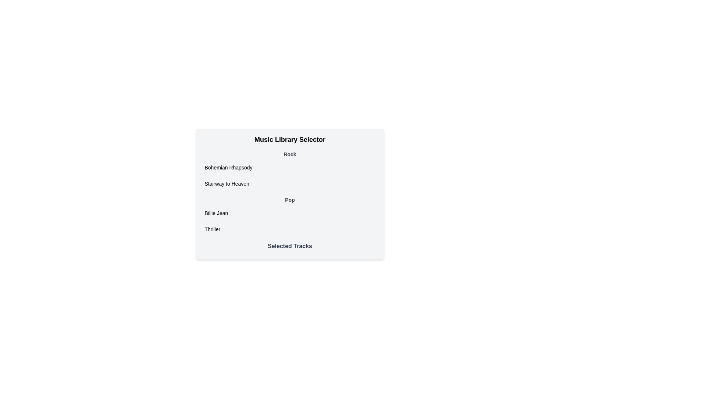 The height and width of the screenshot is (397, 706). What do you see at coordinates (289, 200) in the screenshot?
I see `the bold-text label 'Pop' displayed in dark gray, which is positioned in the middle of a vertical list of genres and songs, immediately above 'Billie Jean' and 'Thriller'` at bounding box center [289, 200].